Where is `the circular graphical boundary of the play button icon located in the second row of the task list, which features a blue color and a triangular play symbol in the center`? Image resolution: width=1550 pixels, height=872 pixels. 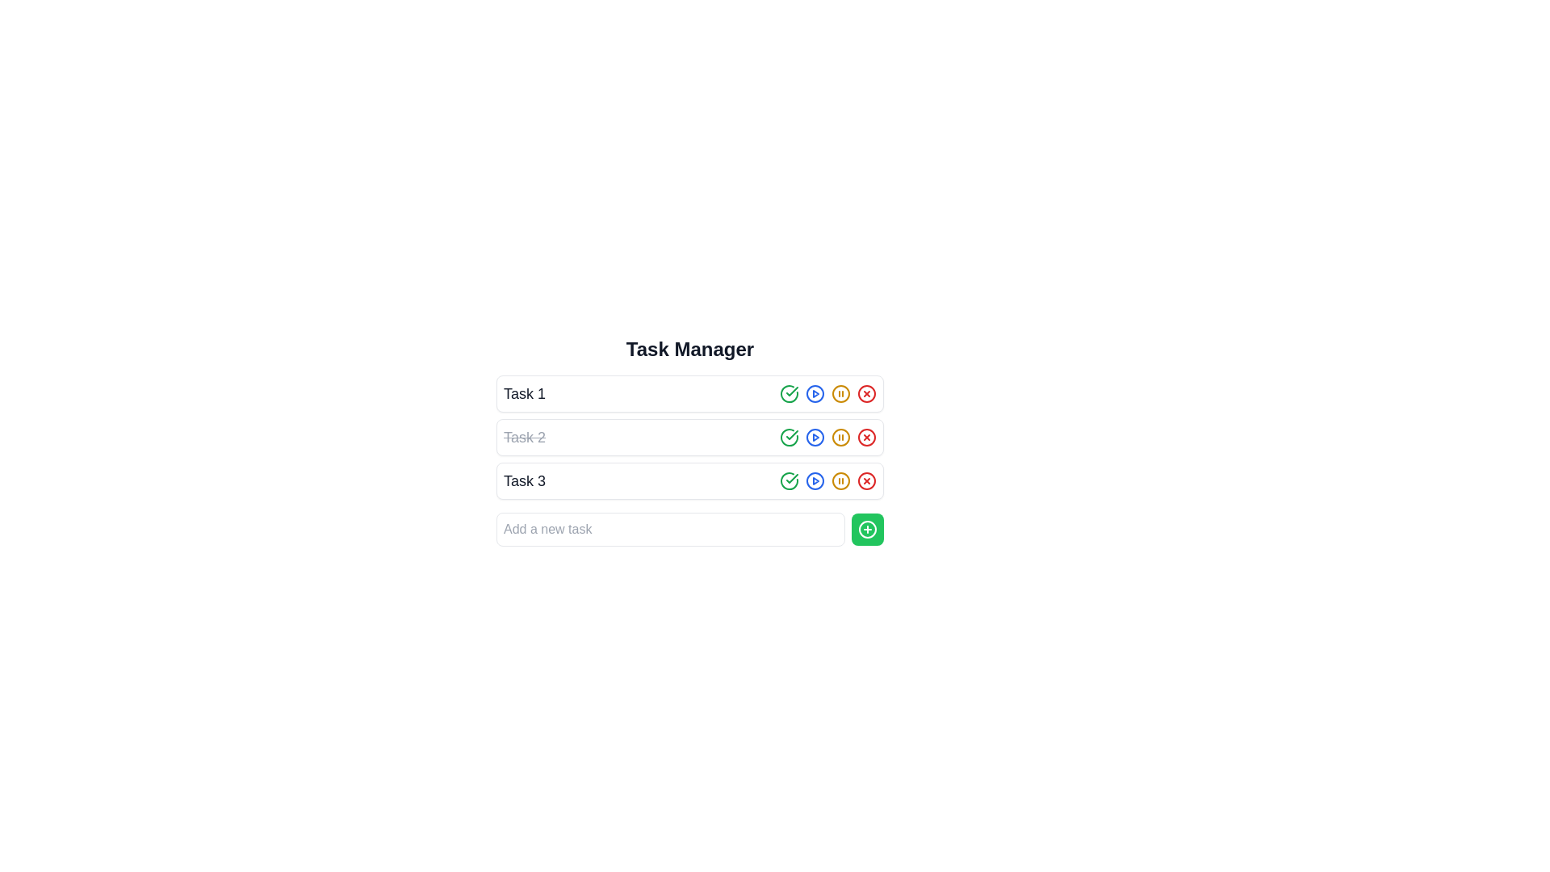 the circular graphical boundary of the play button icon located in the second row of the task list, which features a blue color and a triangular play symbol in the center is located at coordinates (815, 394).